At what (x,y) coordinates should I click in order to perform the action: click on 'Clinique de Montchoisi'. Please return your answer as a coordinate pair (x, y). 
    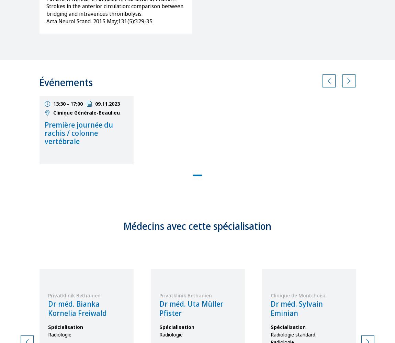
    Looking at the image, I should click on (297, 295).